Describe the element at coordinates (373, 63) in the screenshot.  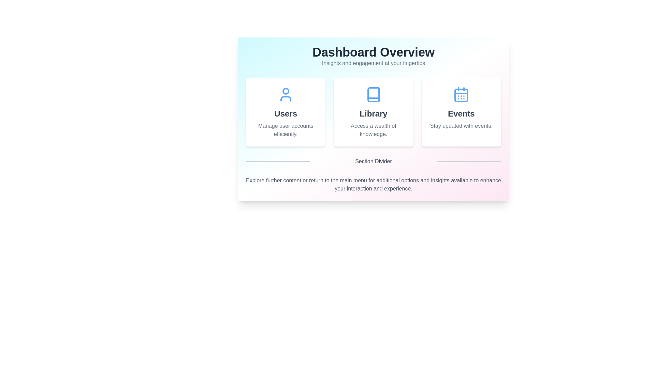
I see `text label that says 'Insights and engagement at your fingertips', which is styled in gray font and located below the 'Dashboard Overview' title` at that location.